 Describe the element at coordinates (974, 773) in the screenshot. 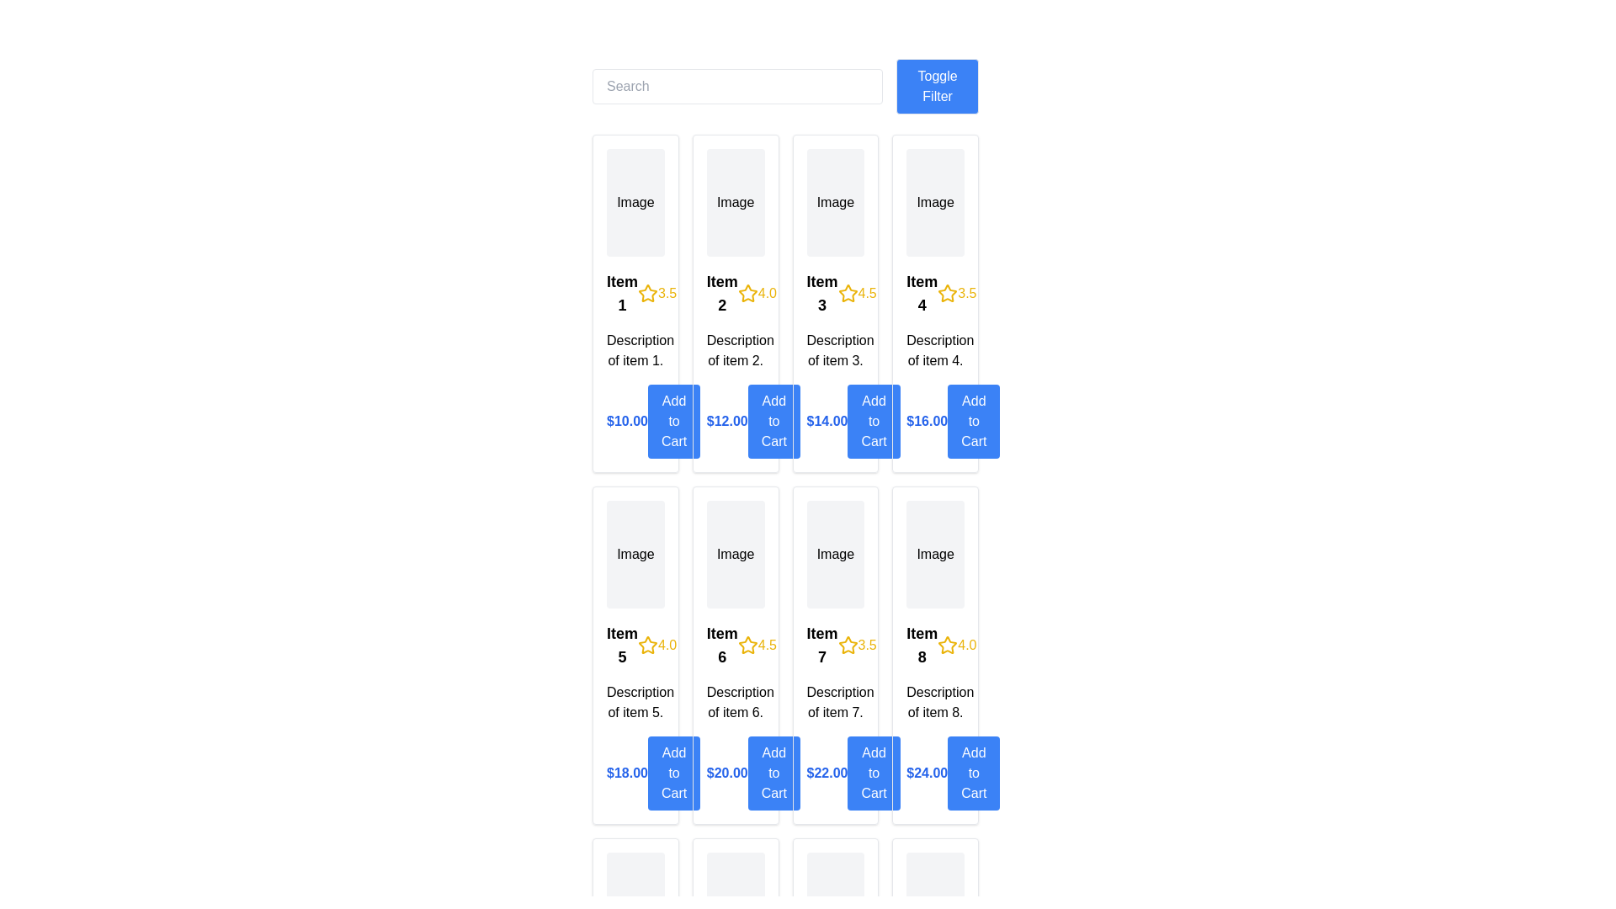

I see `the blue 'Add to Cart' button` at that location.